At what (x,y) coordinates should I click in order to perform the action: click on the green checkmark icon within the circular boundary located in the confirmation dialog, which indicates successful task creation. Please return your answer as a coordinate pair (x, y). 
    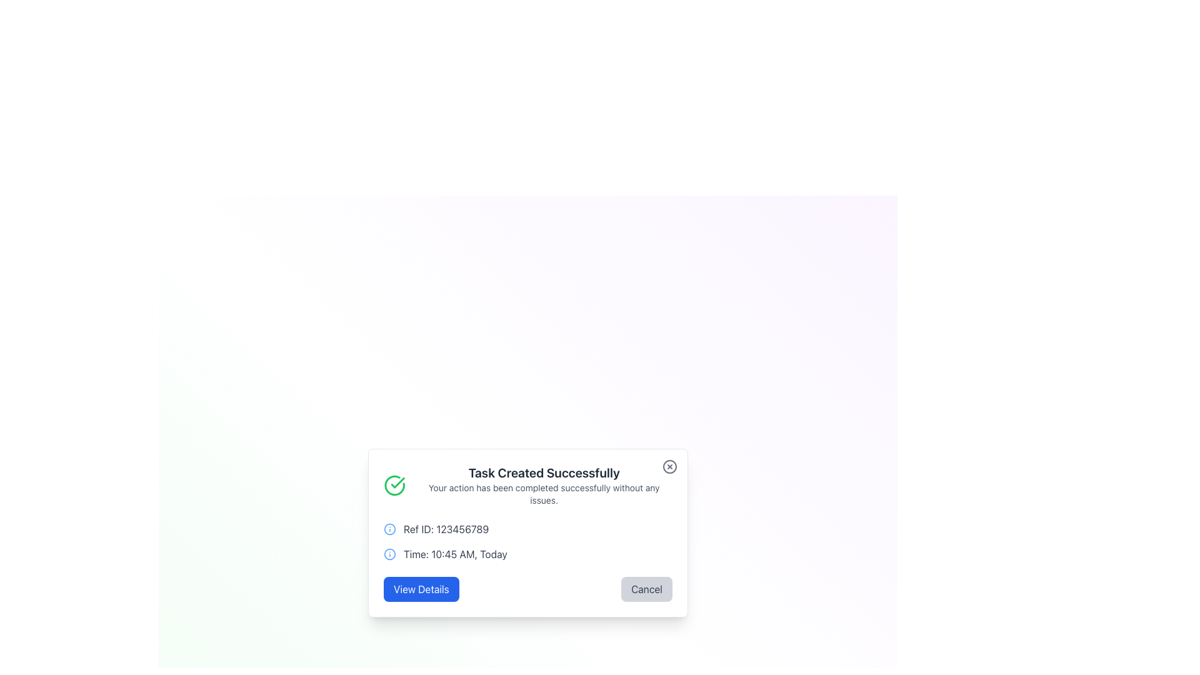
    Looking at the image, I should click on (397, 482).